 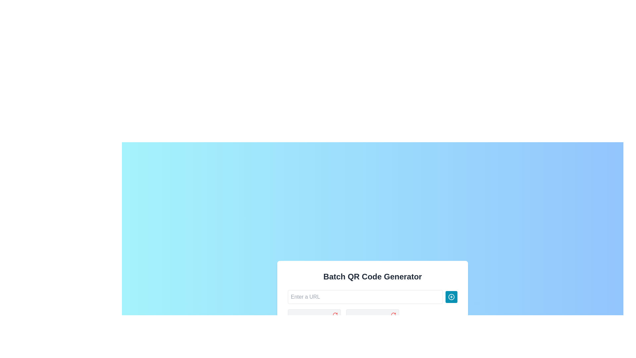 I want to click on the 'refresh' icon located at the top-right corner of the text input field, which is the first icon in a two-icon set, so click(x=335, y=314).